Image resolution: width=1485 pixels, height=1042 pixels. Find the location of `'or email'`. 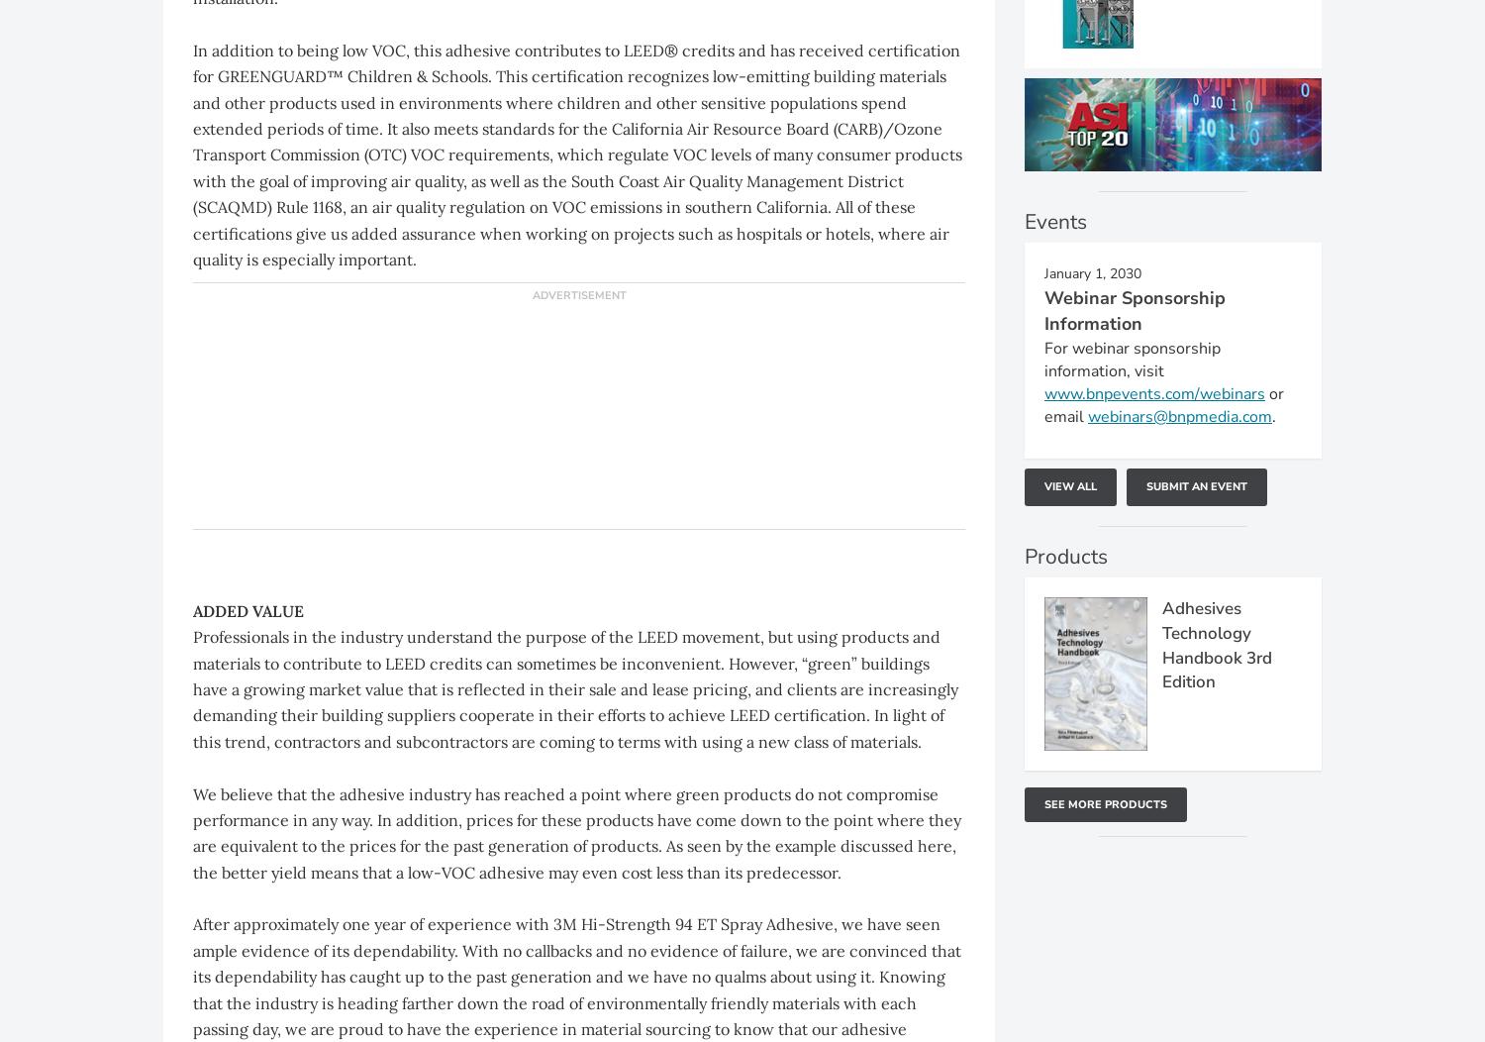

'or email' is located at coordinates (1164, 404).